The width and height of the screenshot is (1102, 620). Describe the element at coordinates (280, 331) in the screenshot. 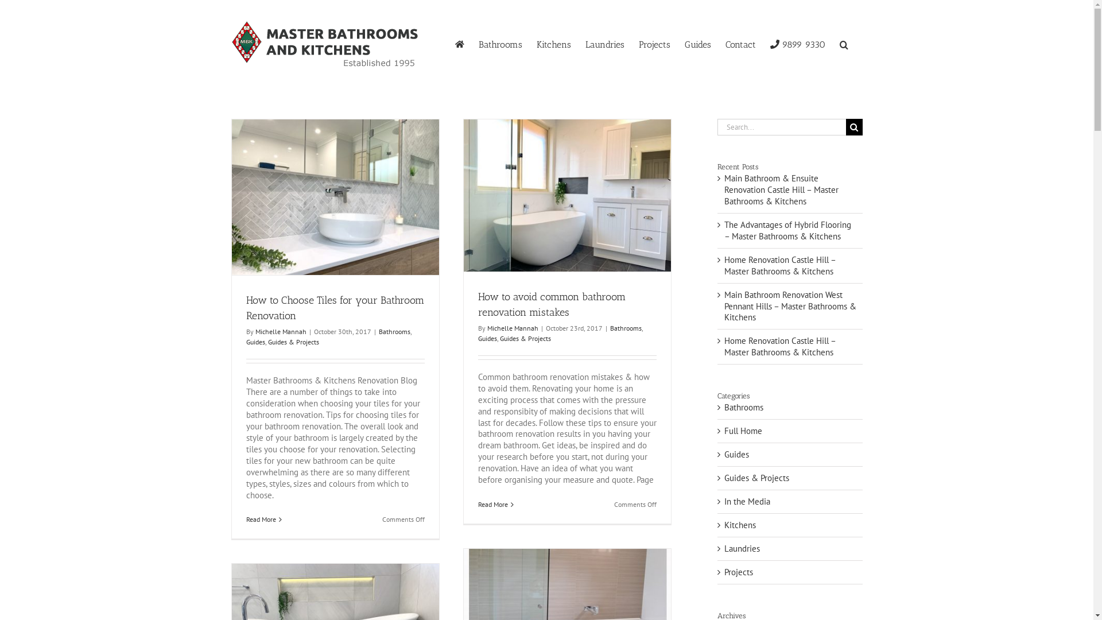

I see `'Michelle Mannah'` at that location.